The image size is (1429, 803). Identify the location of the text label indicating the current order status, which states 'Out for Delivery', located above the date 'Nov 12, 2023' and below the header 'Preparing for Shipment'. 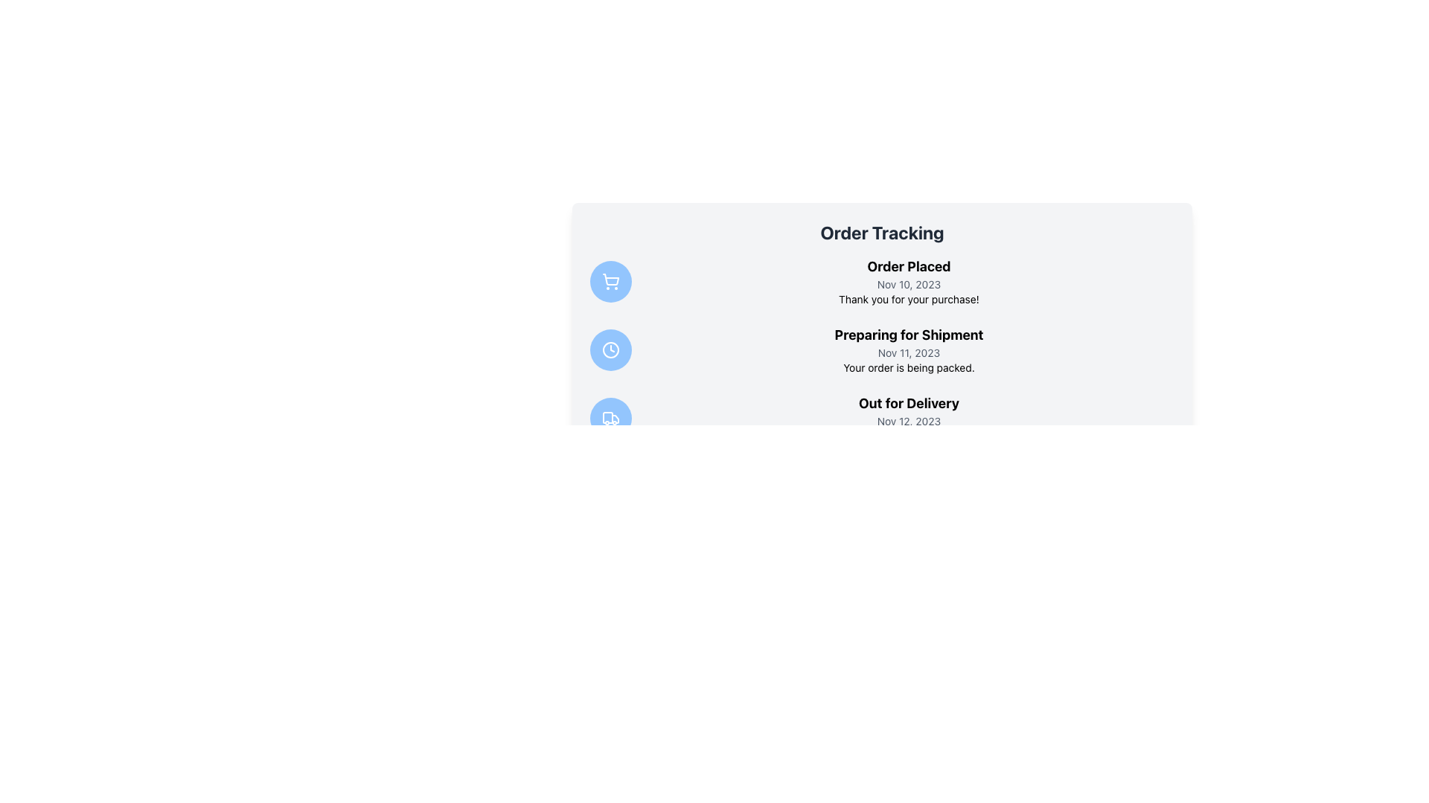
(908, 404).